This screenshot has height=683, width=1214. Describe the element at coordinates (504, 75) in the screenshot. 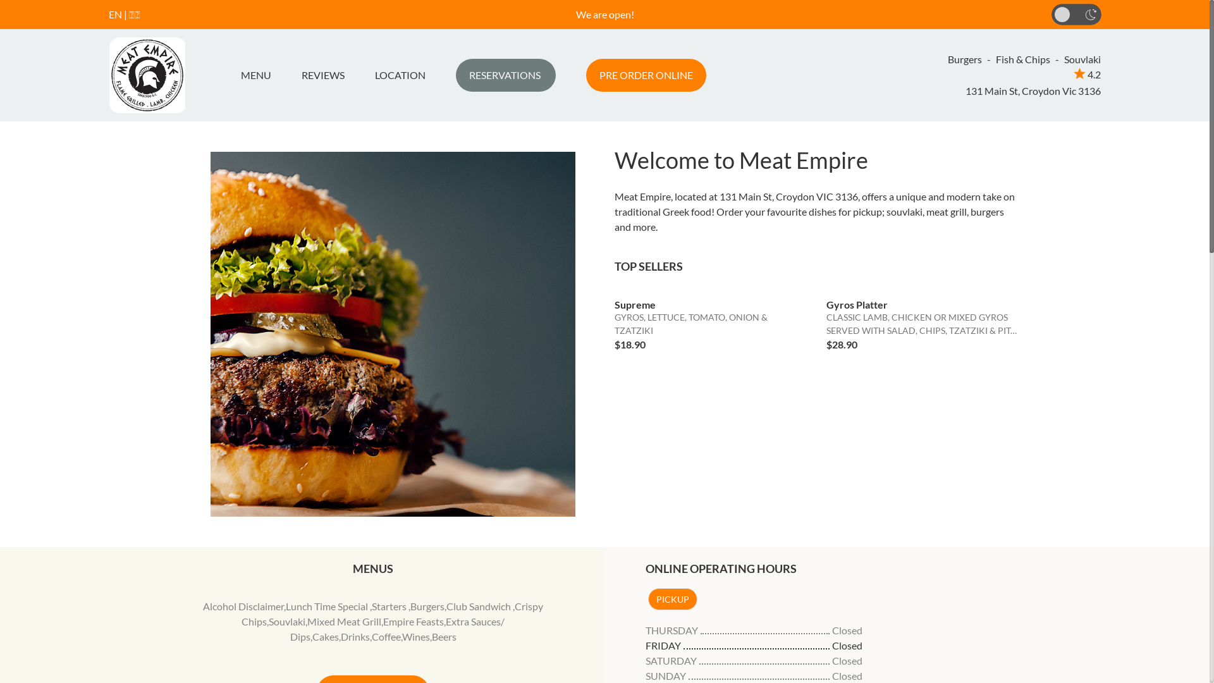

I see `'RESERVATIONS '` at that location.